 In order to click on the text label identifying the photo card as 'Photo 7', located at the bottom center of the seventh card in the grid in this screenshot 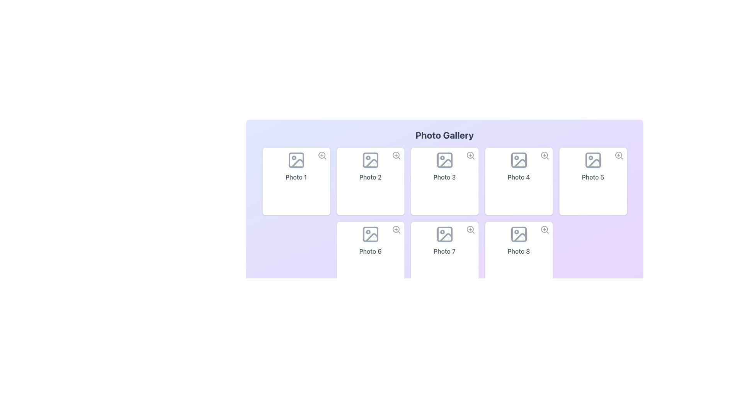, I will do `click(444, 251)`.